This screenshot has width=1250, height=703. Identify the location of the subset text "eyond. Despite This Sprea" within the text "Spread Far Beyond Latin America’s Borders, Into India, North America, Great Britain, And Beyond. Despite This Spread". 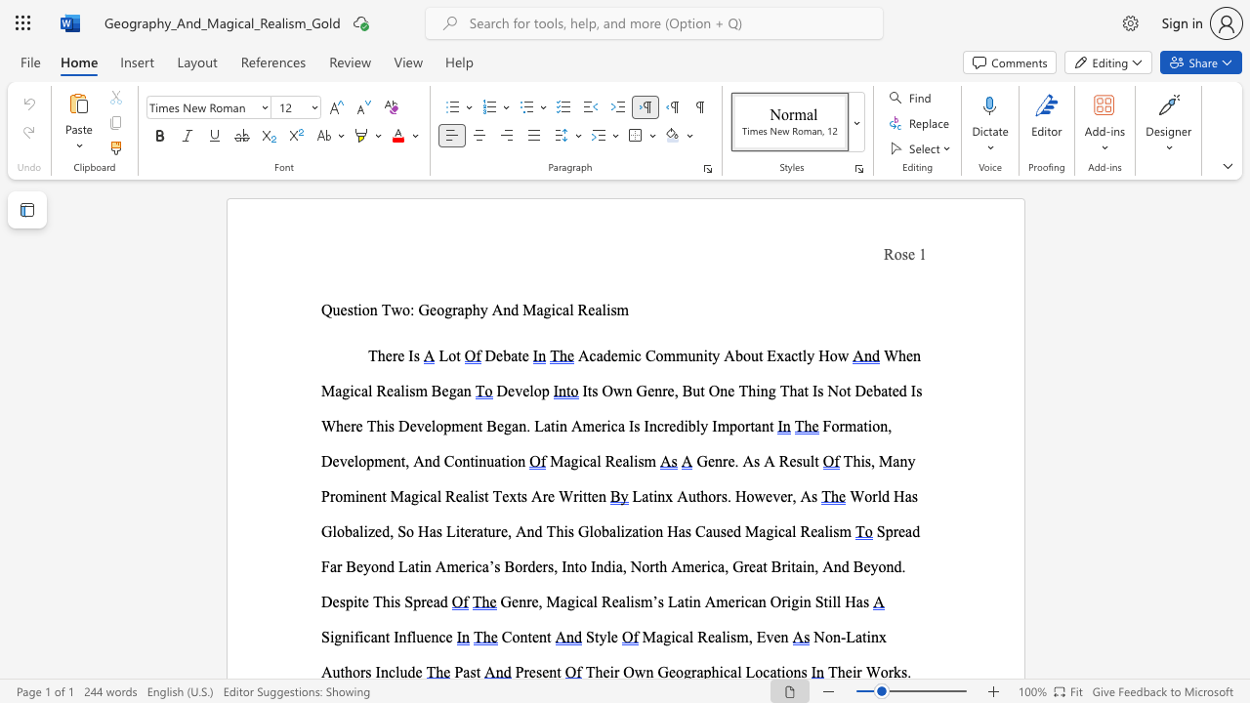
(862, 566).